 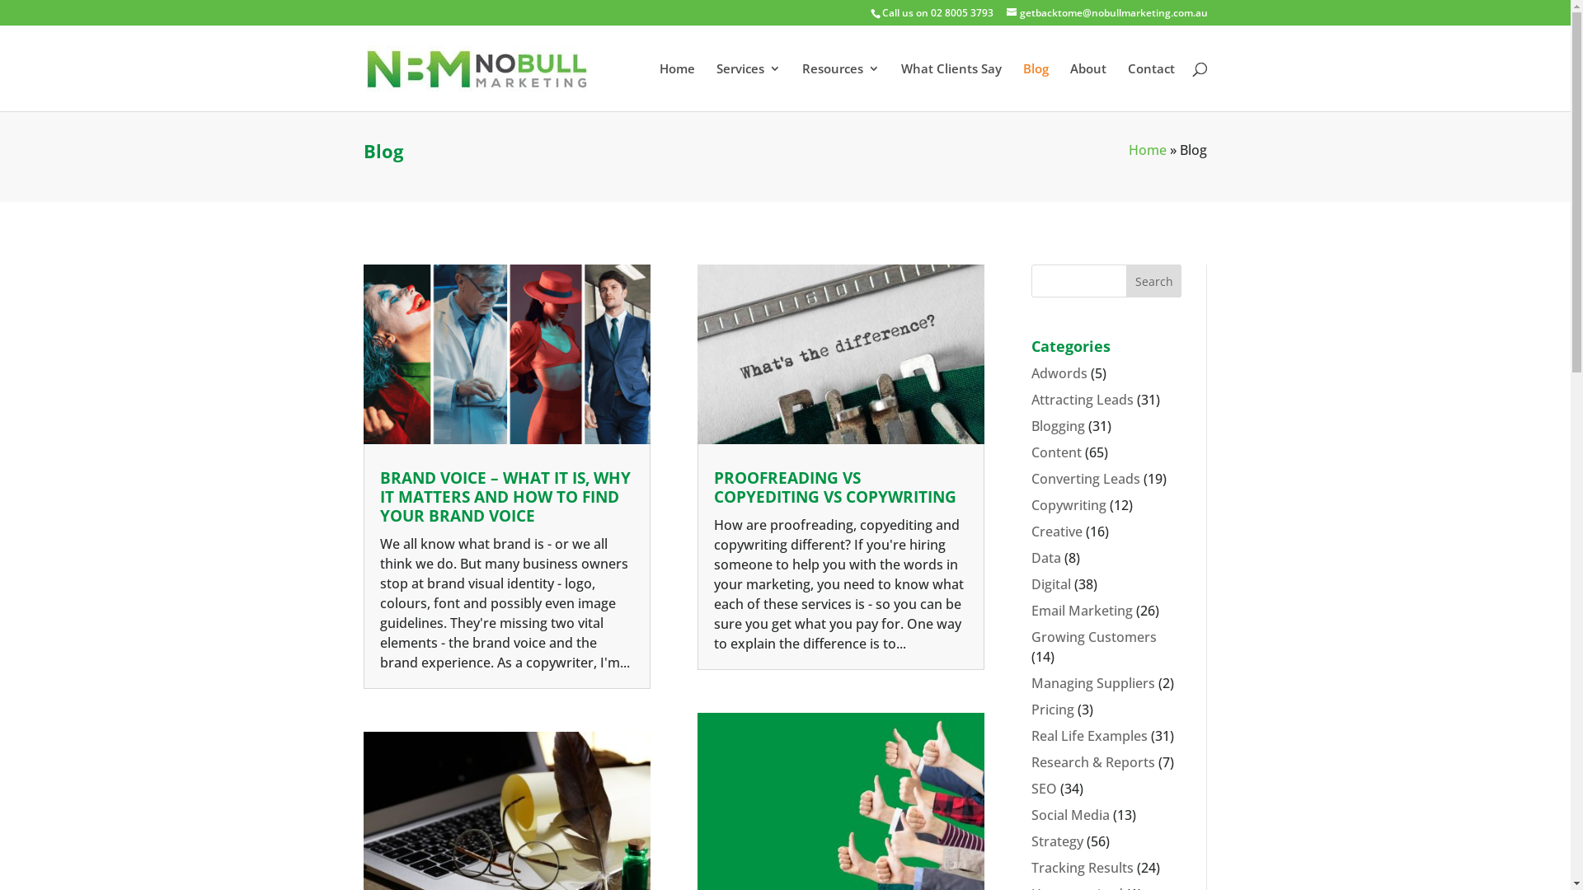 What do you see at coordinates (1059, 372) in the screenshot?
I see `'Adwords'` at bounding box center [1059, 372].